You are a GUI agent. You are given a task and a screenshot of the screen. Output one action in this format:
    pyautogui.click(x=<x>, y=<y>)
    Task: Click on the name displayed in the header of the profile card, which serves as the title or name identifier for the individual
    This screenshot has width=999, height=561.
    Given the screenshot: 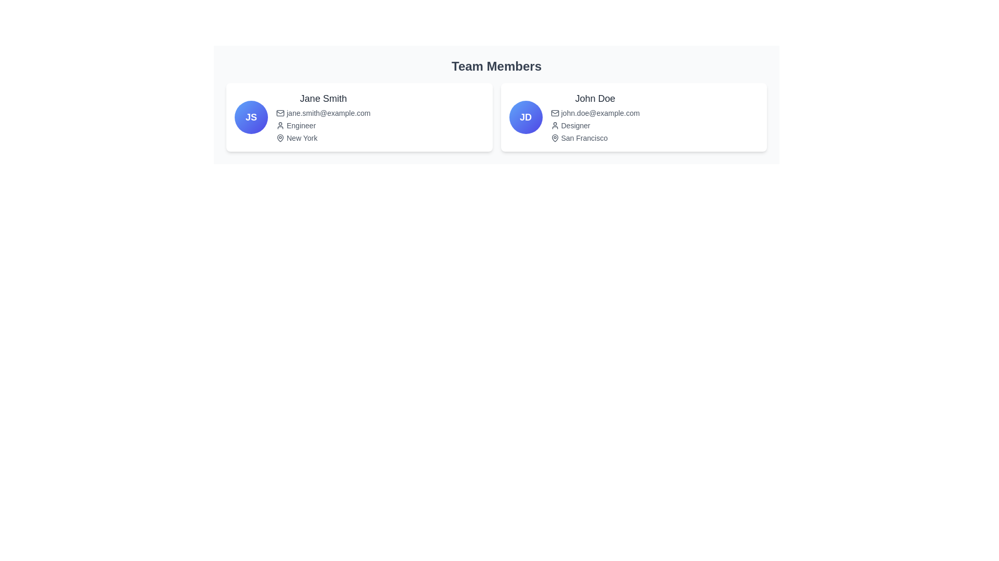 What is the action you would take?
    pyautogui.click(x=323, y=98)
    